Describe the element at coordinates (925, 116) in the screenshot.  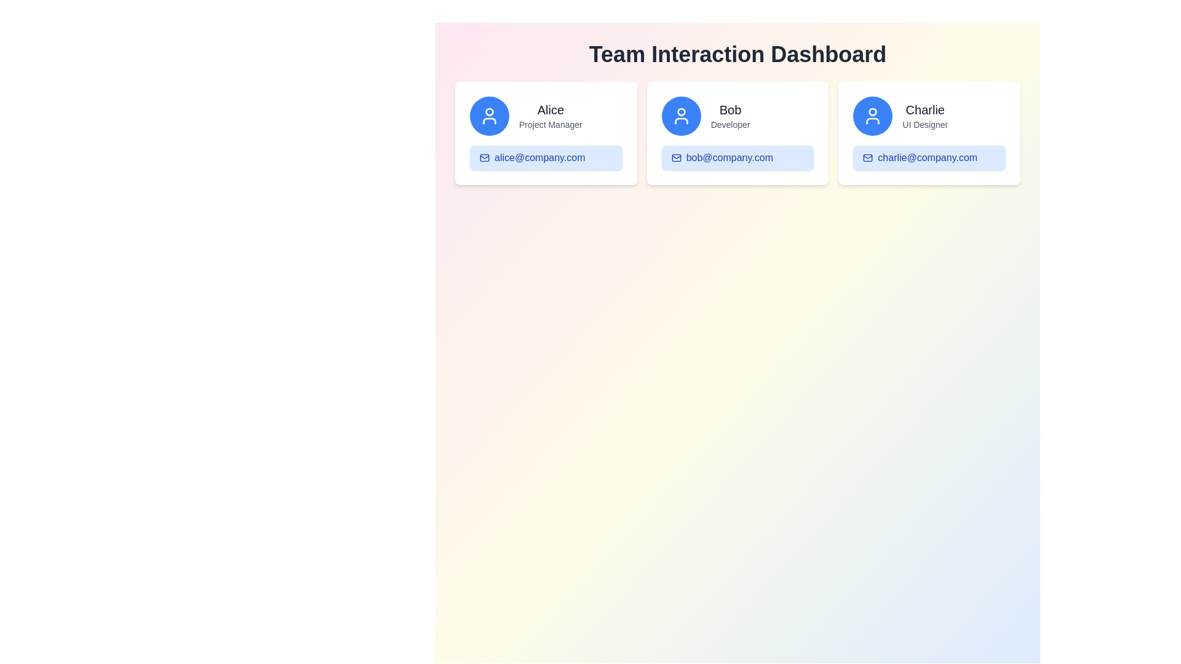
I see `text label displaying 'Charlie' and 'UI Designer', which is located to the right of a circular icon in the third user profile card` at that location.